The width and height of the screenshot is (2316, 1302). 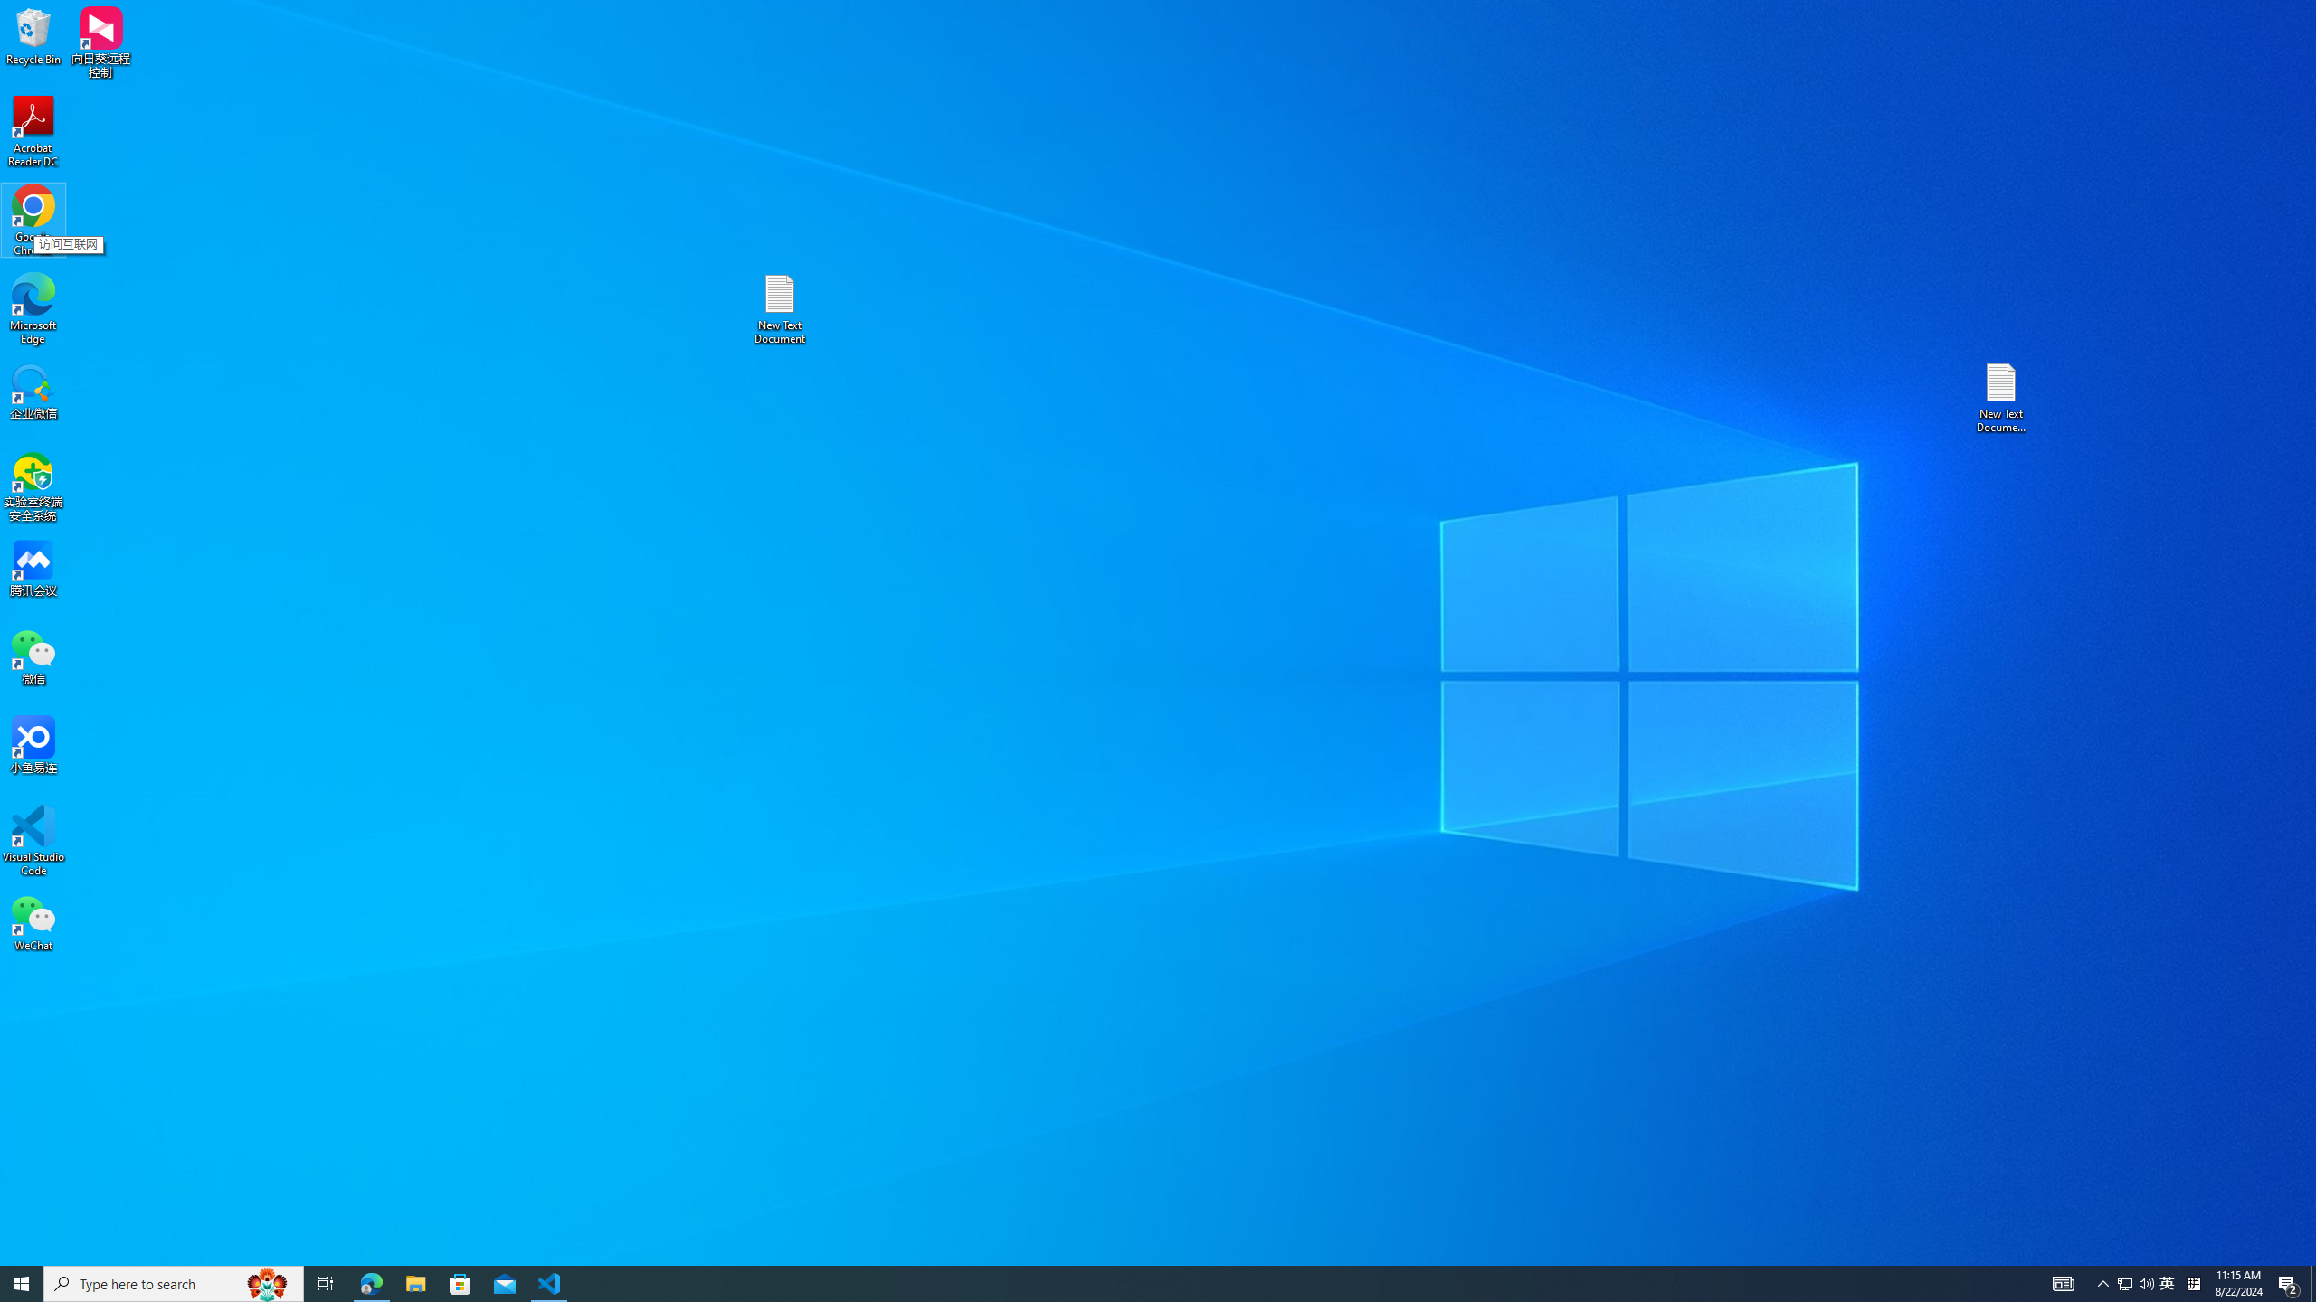 I want to click on 'Start', so click(x=22, y=1282).